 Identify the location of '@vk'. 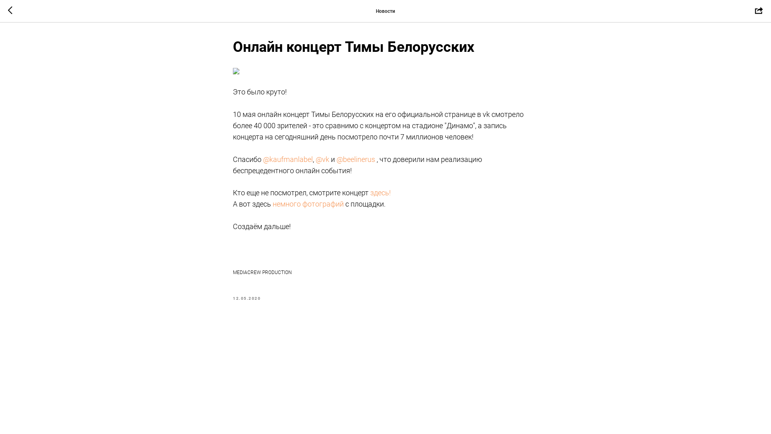
(322, 159).